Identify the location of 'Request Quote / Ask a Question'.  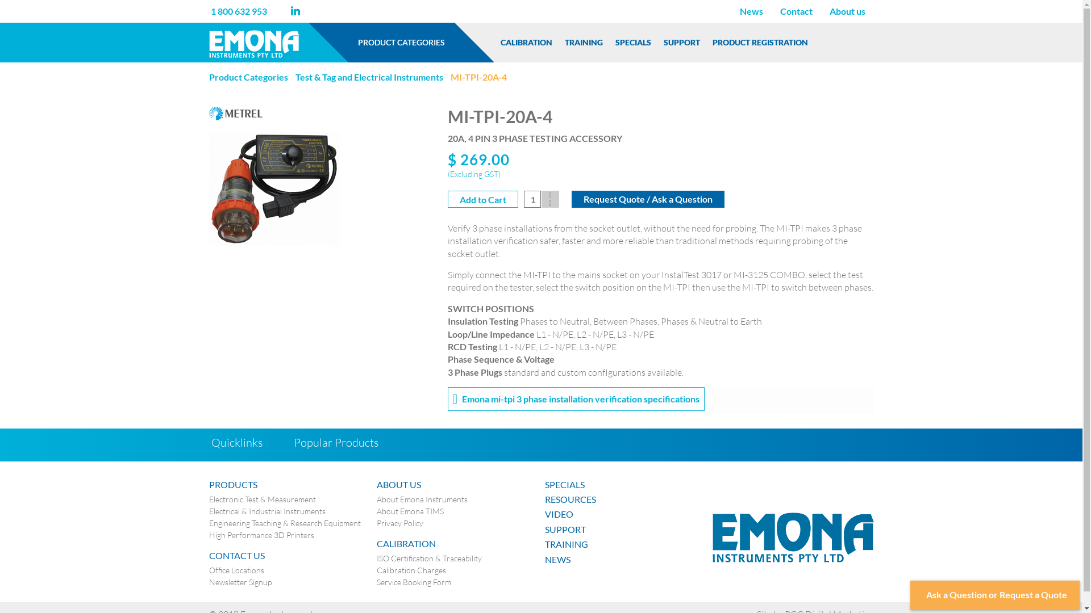
(648, 199).